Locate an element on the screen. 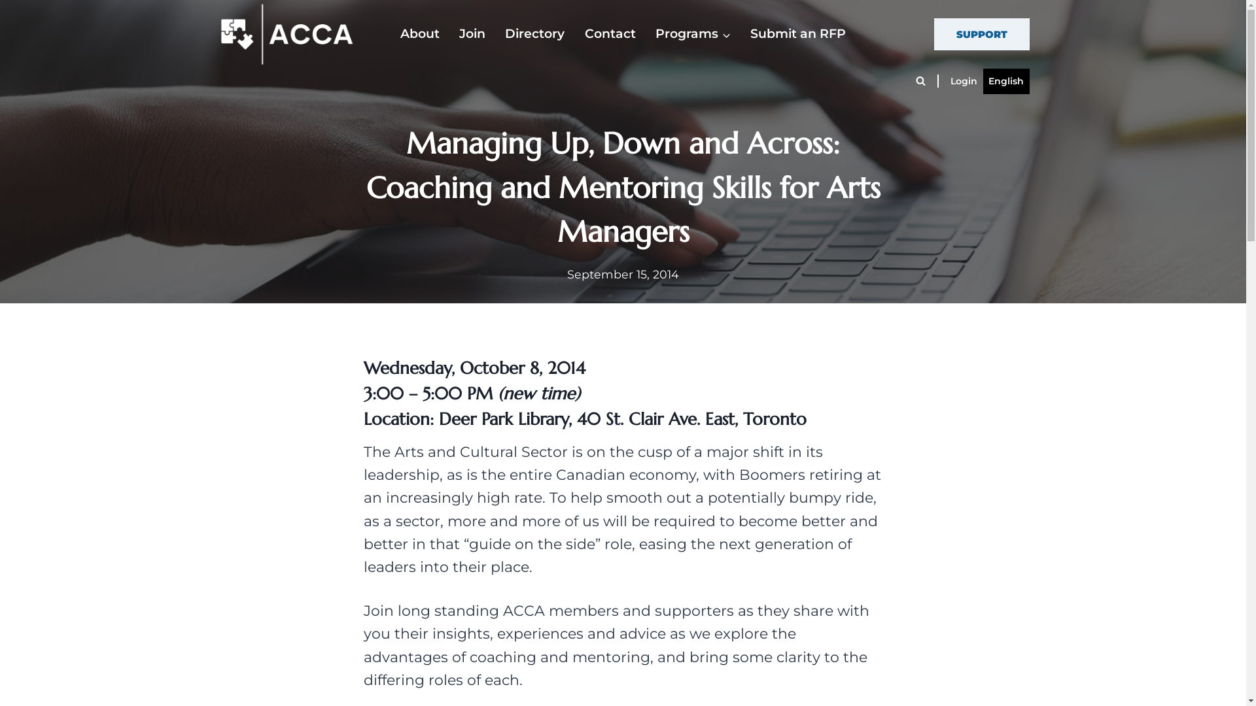 This screenshot has height=706, width=1256. 'About' is located at coordinates (419, 33).